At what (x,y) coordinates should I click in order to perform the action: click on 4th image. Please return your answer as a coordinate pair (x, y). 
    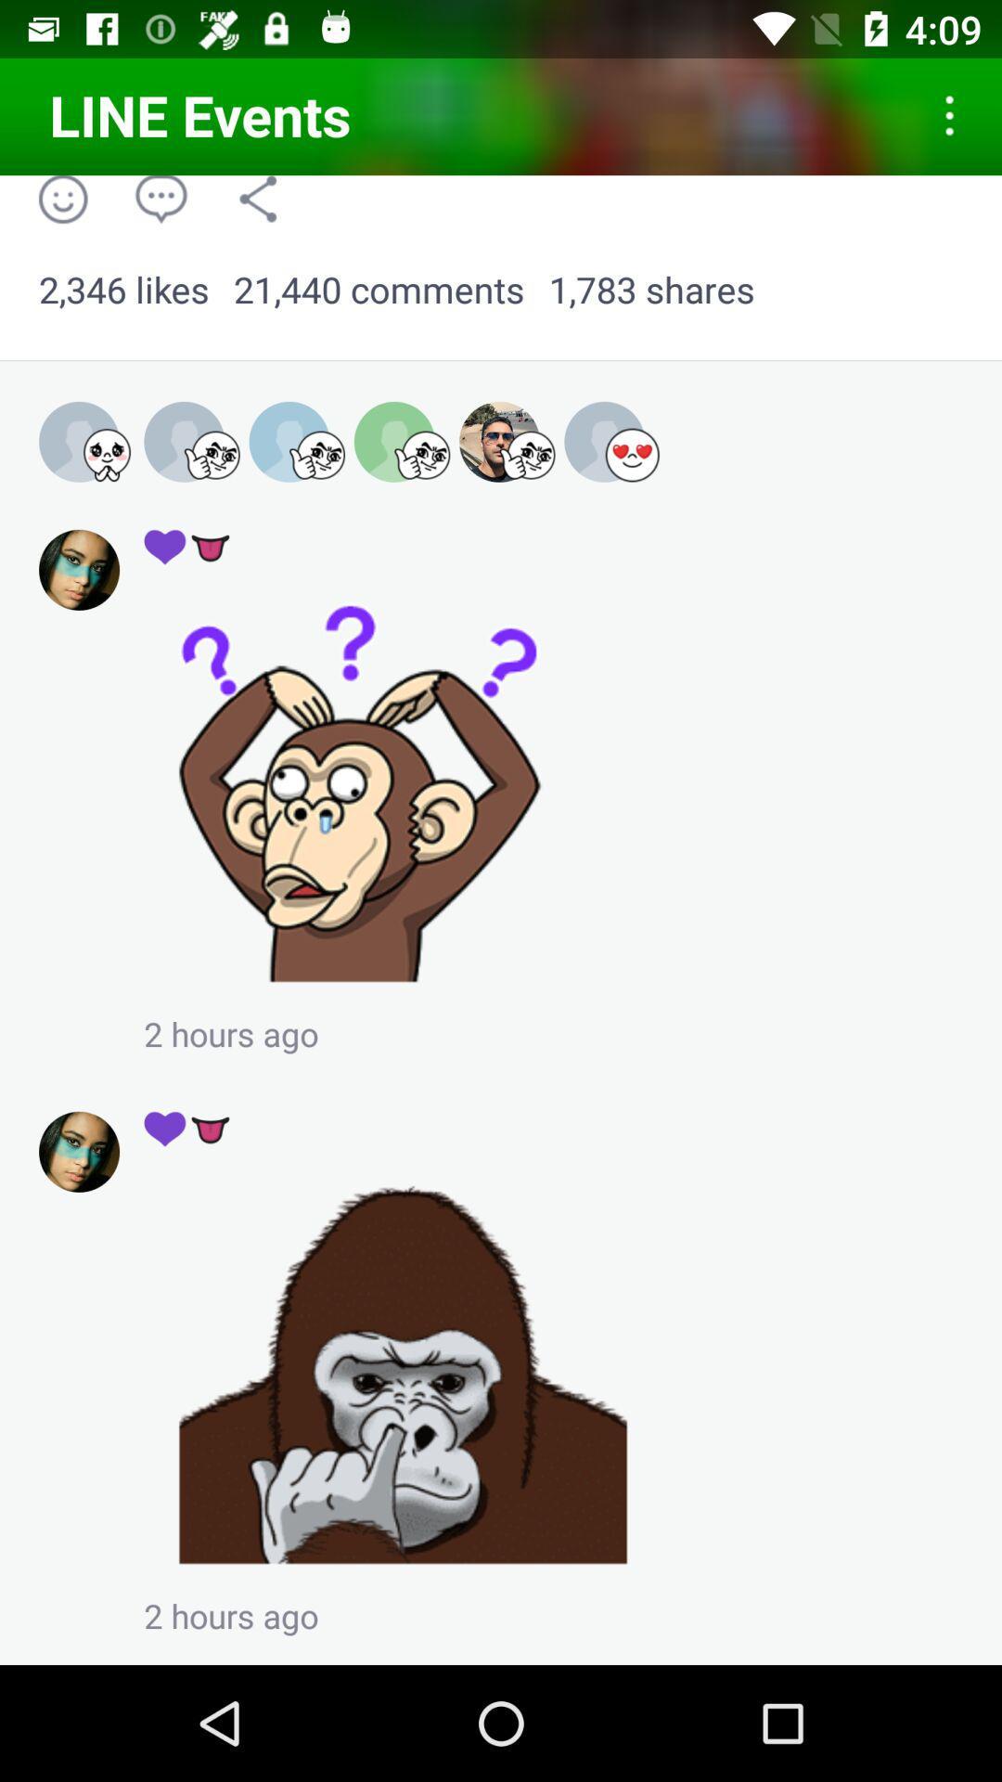
    Looking at the image, I should click on (402, 442).